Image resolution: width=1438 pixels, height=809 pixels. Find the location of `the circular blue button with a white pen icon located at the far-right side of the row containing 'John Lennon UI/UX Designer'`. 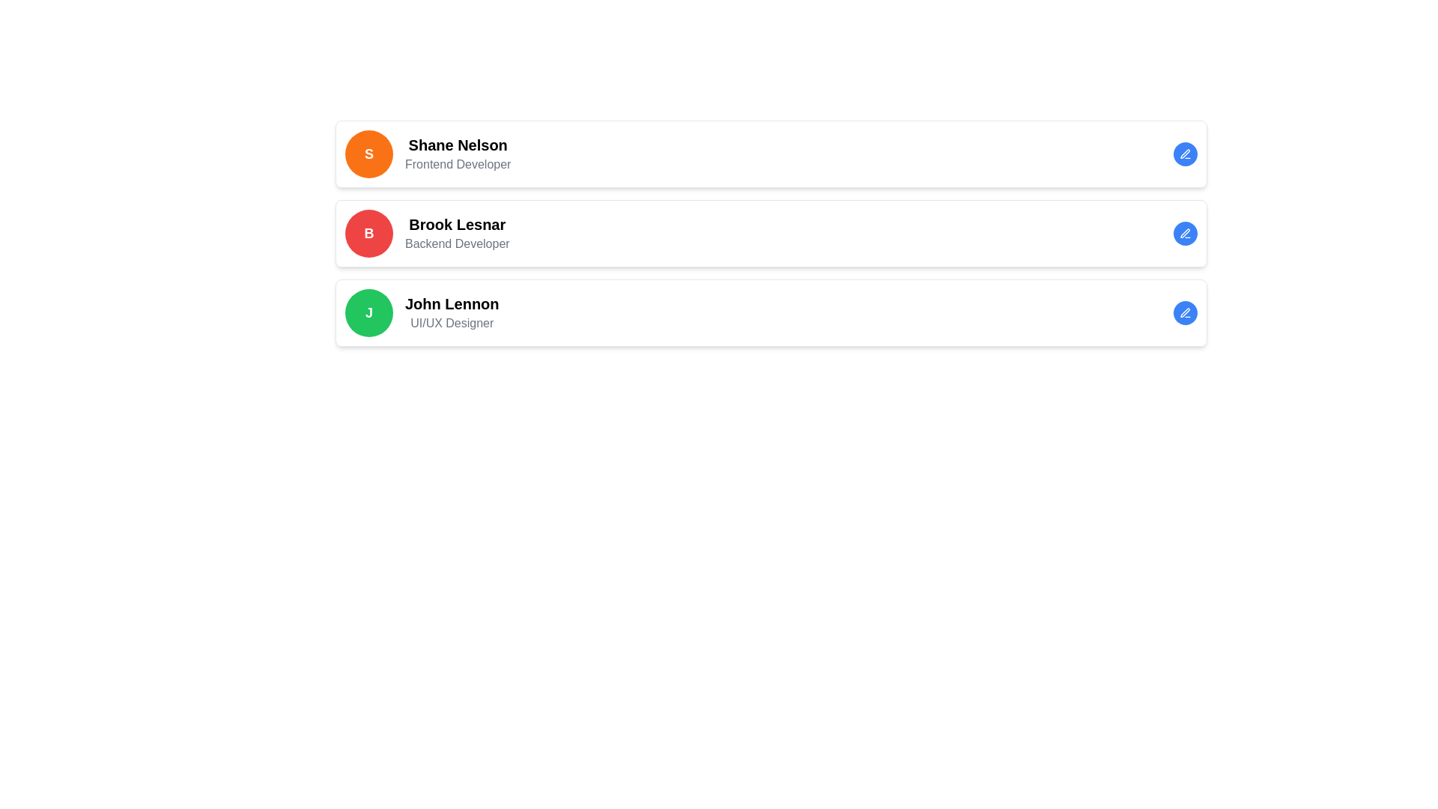

the circular blue button with a white pen icon located at the far-right side of the row containing 'John Lennon UI/UX Designer' is located at coordinates (1185, 312).